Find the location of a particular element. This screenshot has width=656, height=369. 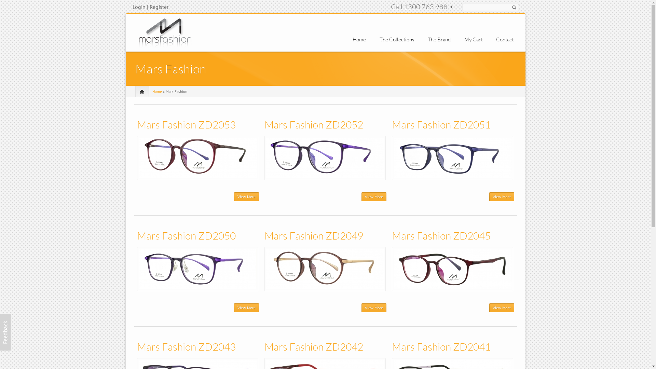

'Mars Fashion ZD2052' is located at coordinates (264, 124).